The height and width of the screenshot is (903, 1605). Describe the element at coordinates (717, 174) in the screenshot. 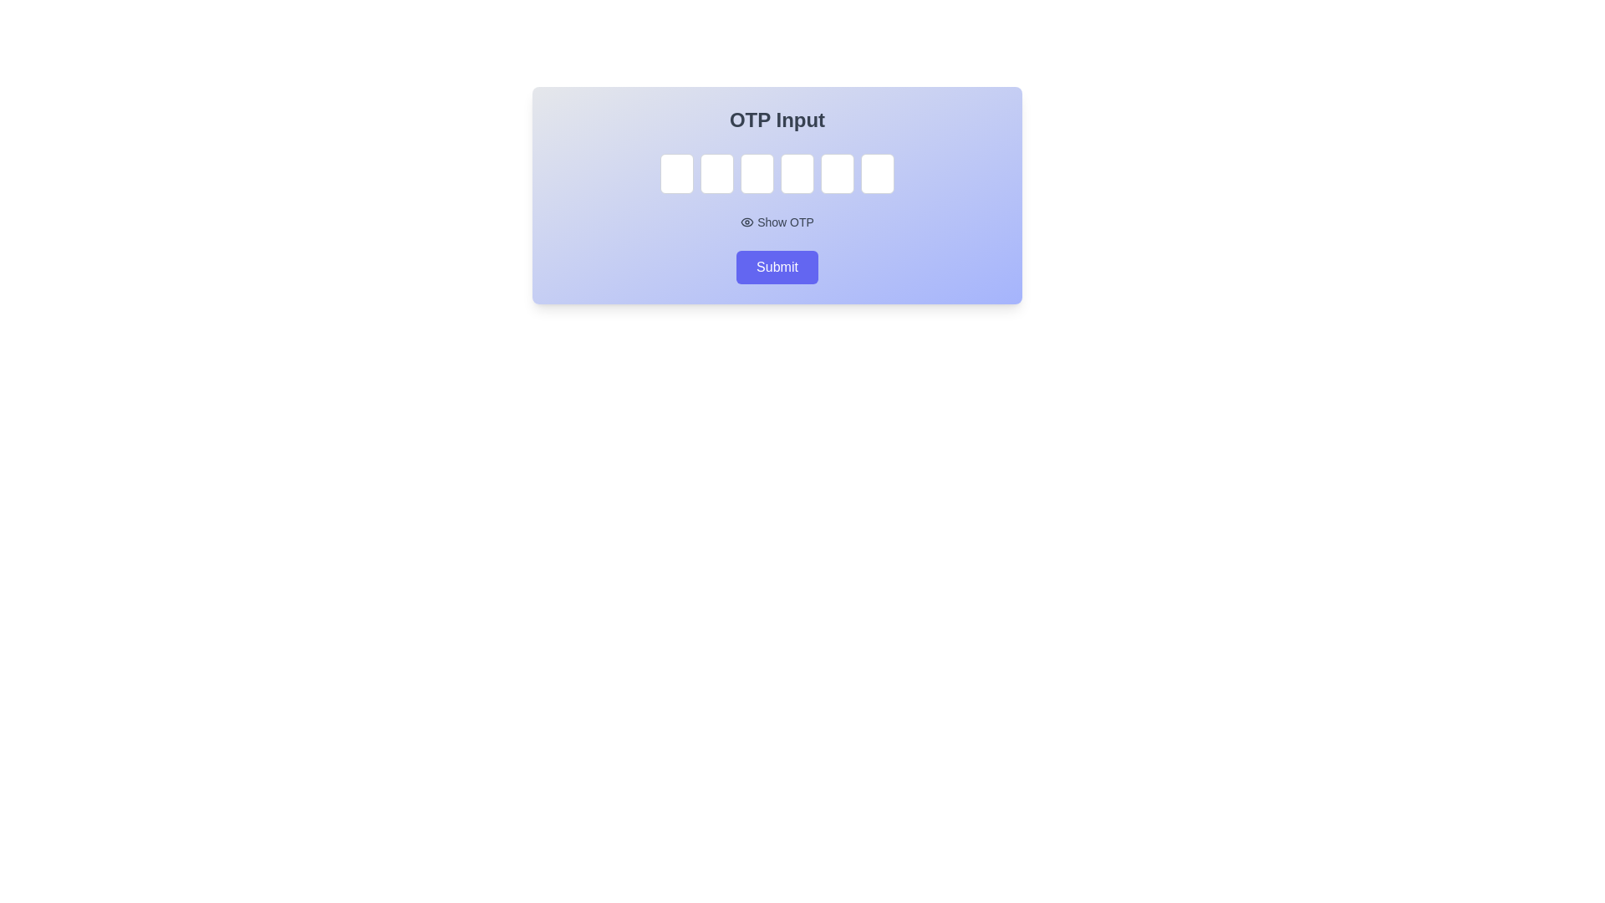

I see `the second input box of the OTP input sequence` at that location.